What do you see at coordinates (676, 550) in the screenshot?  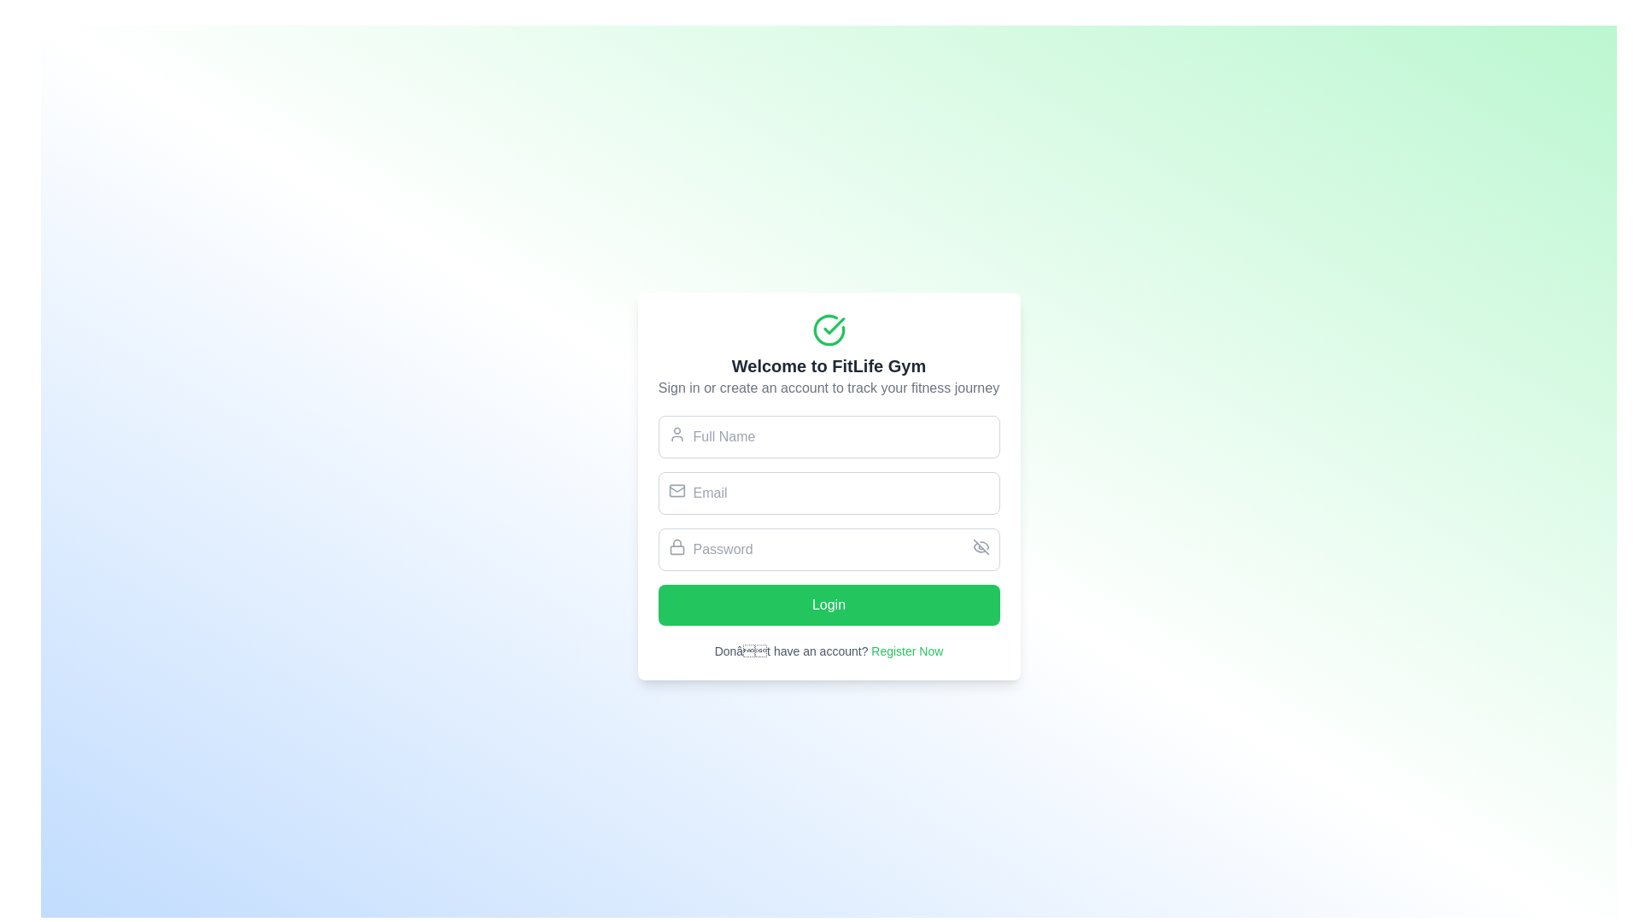 I see `the rectangular padlock icon element located directly to the left of the password input field in the login form, which is styled in a neutral tone and has rounded corners` at bounding box center [676, 550].